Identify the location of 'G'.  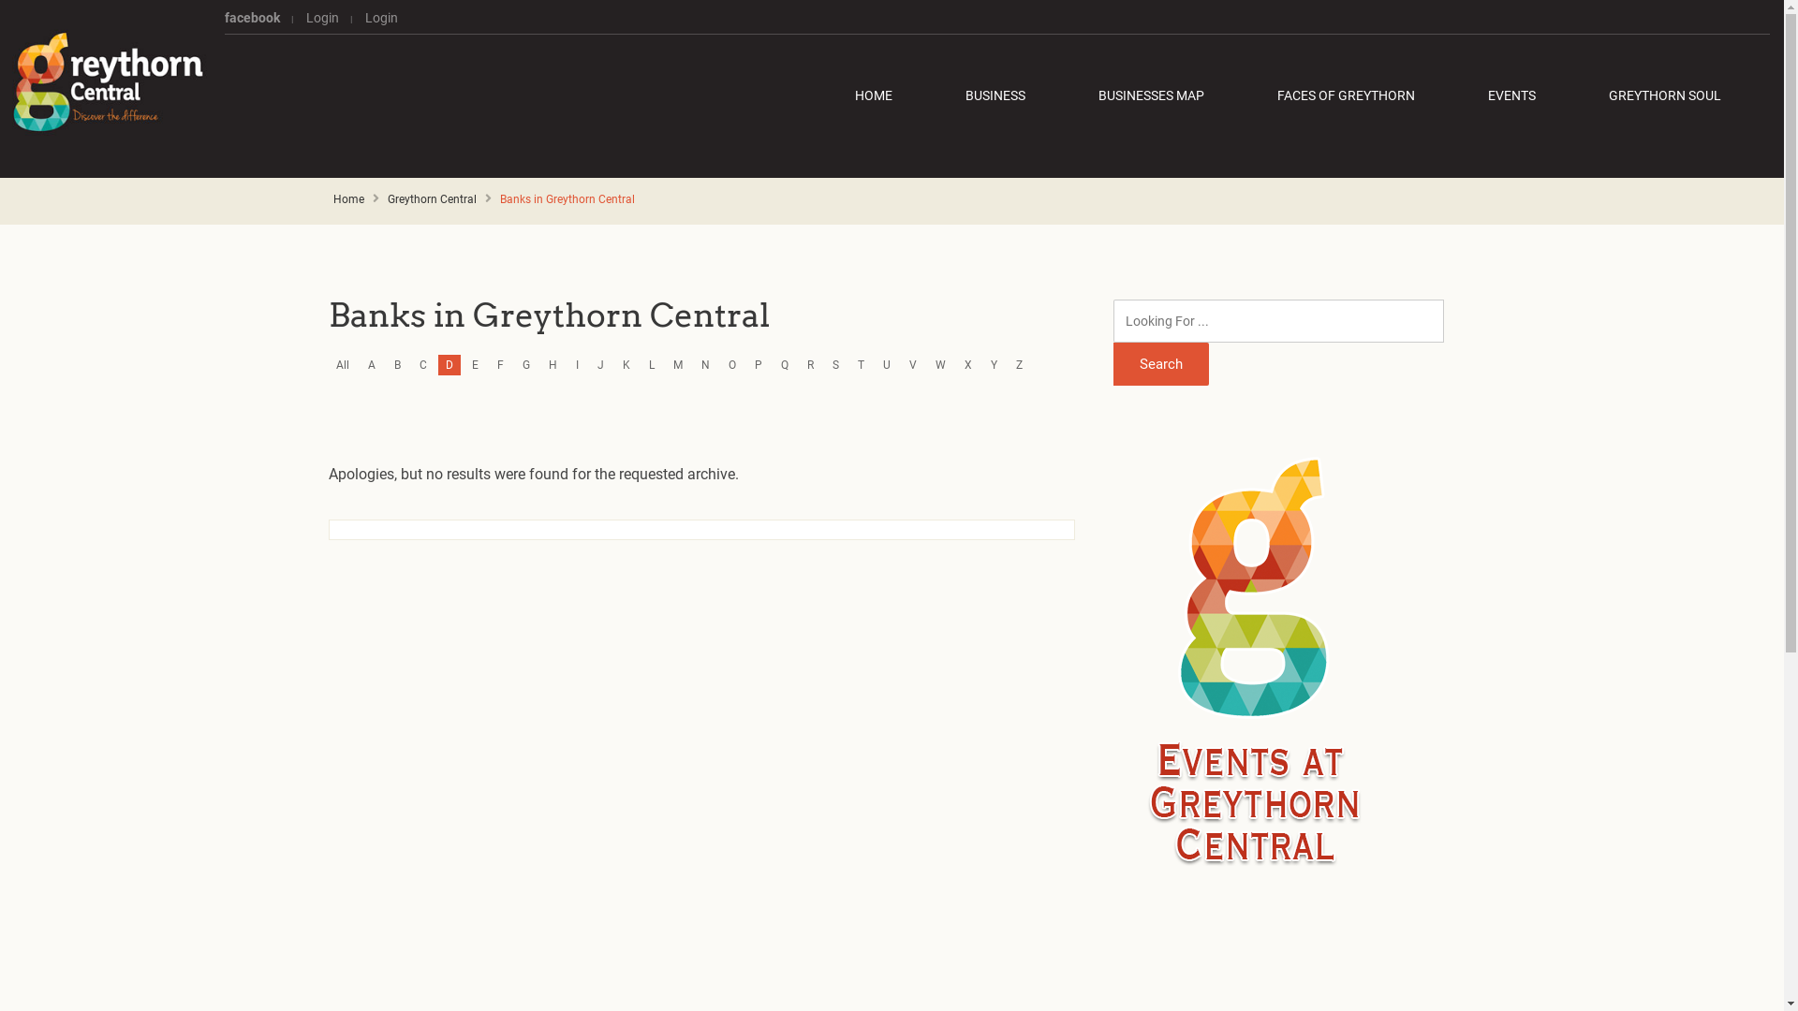
(524, 364).